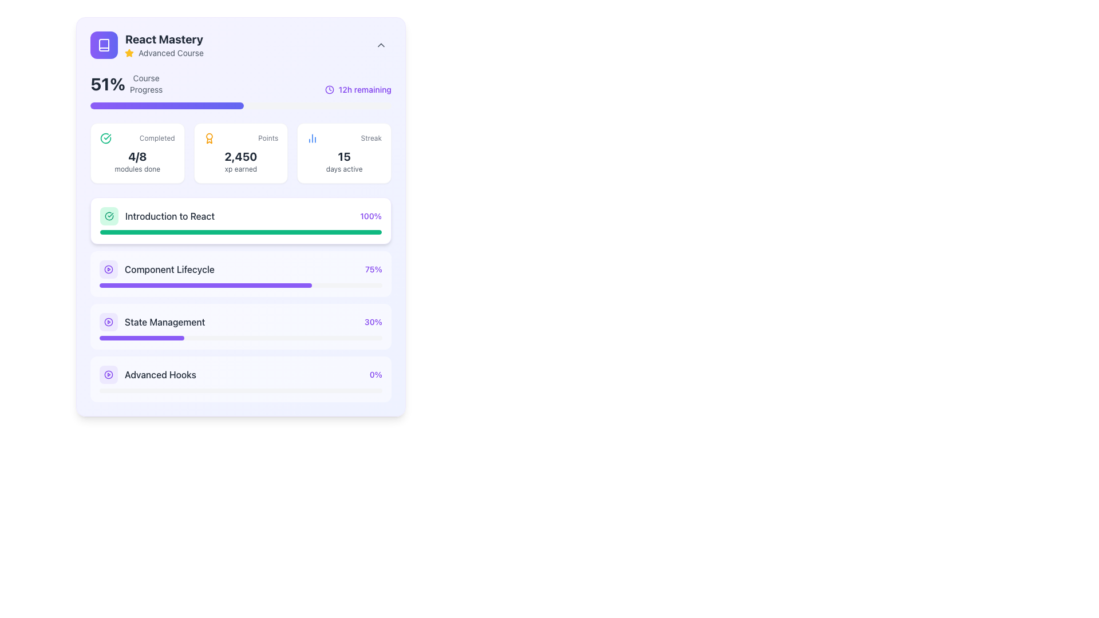  Describe the element at coordinates (137, 156) in the screenshot. I see `the text label element displaying '4/8'` at that location.